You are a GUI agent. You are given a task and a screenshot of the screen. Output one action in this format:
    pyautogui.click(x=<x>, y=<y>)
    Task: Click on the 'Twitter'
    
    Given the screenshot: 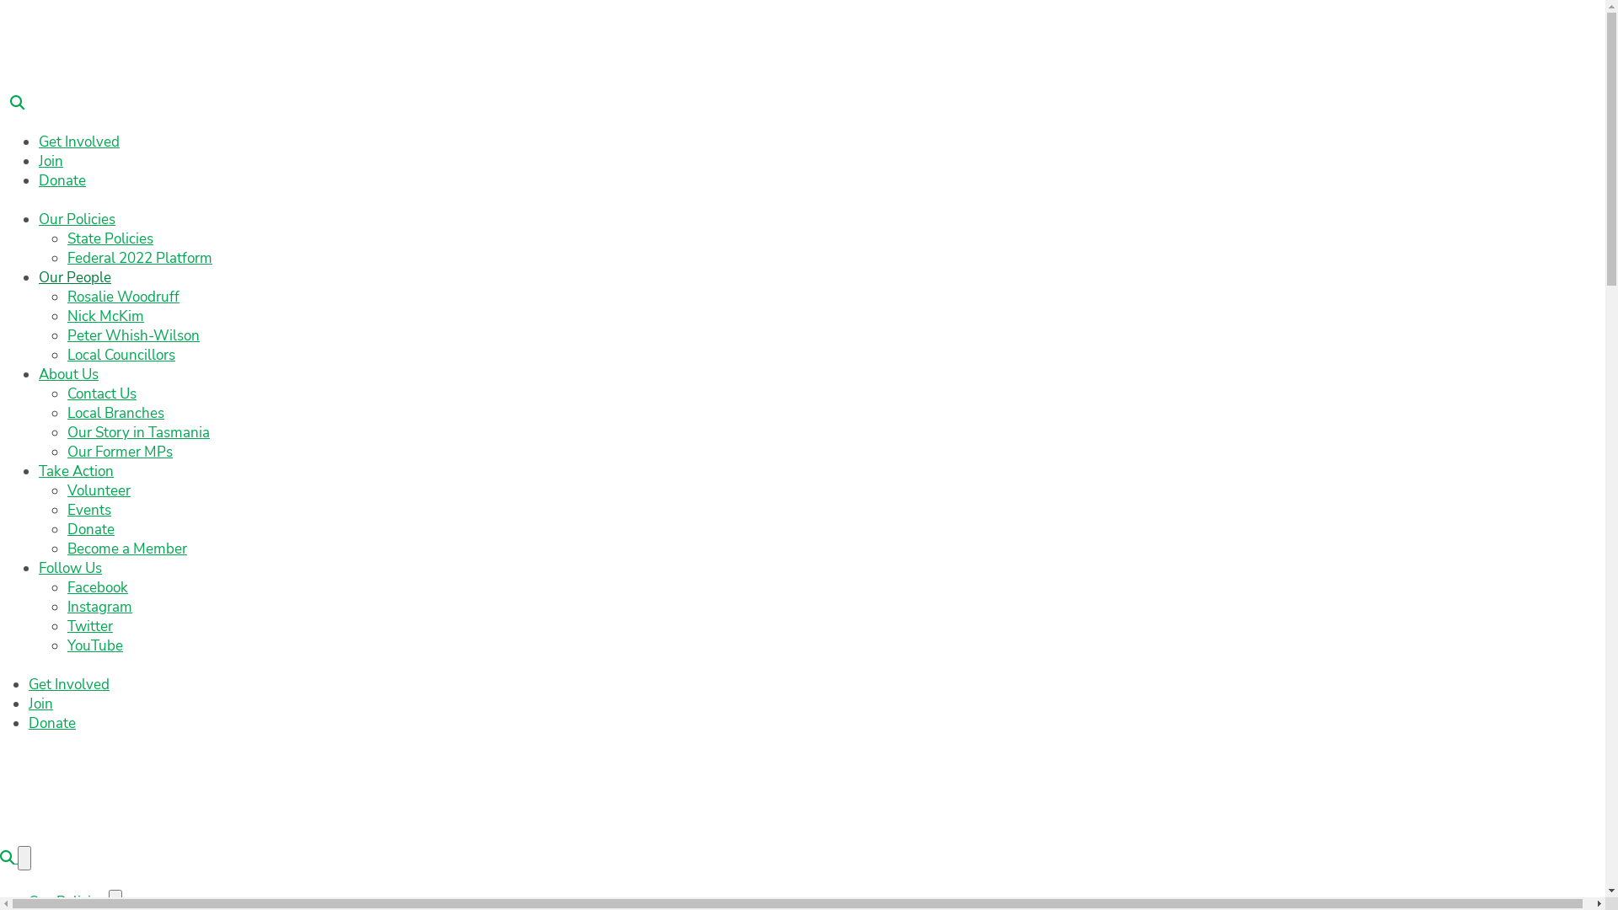 What is the action you would take?
    pyautogui.click(x=88, y=626)
    